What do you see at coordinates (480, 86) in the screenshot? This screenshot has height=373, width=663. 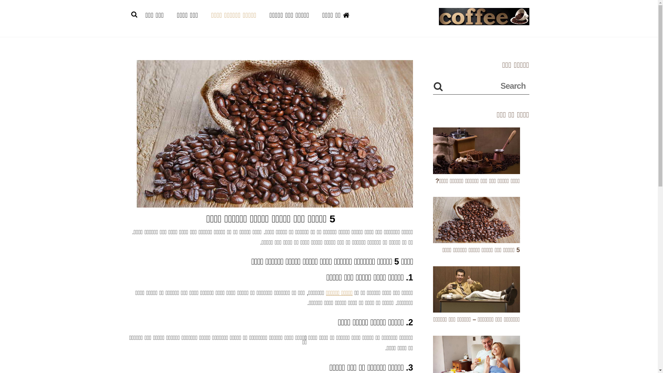 I see `'Search'` at bounding box center [480, 86].